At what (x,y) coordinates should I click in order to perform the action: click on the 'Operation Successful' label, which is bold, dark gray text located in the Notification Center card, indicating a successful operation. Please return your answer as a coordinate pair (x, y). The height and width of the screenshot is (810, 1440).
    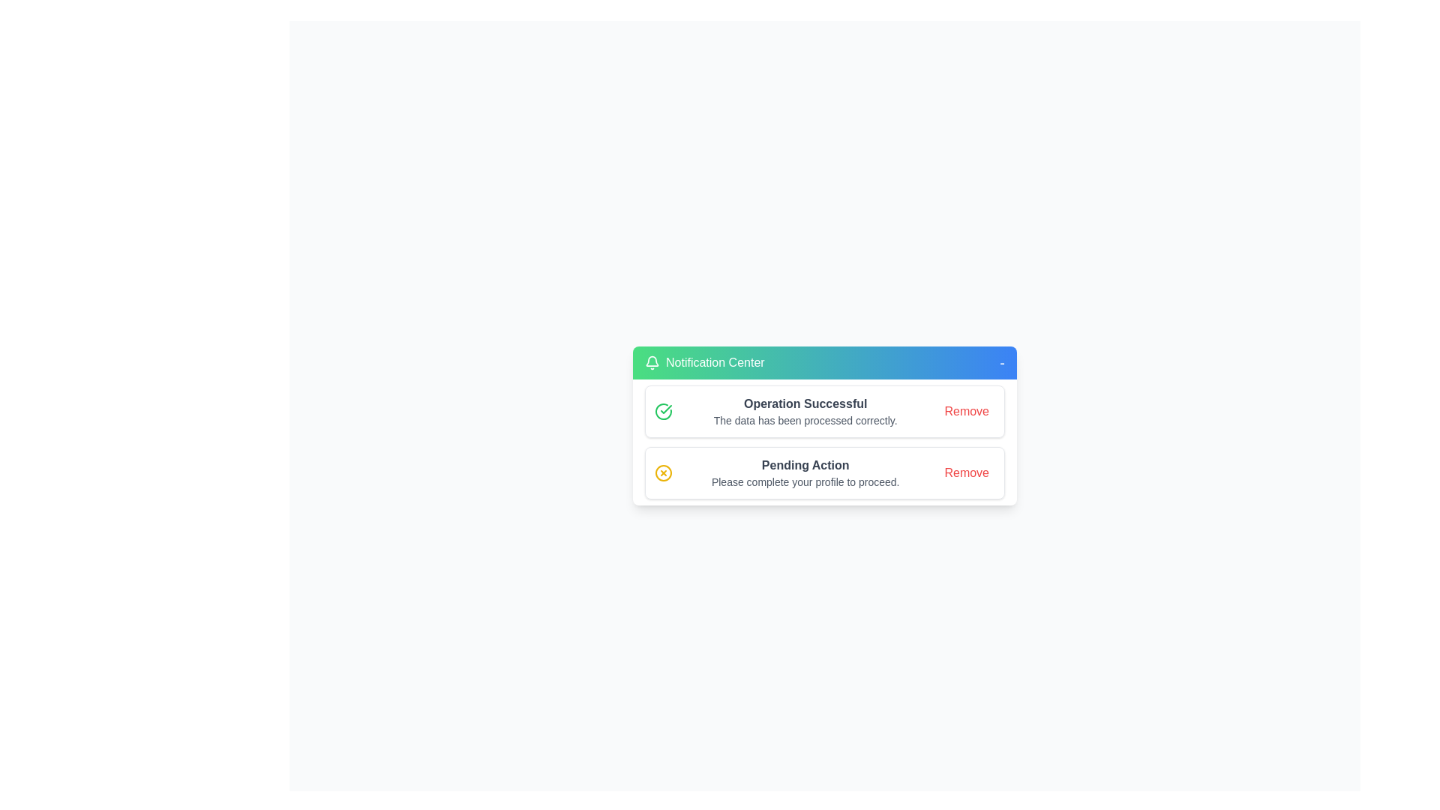
    Looking at the image, I should click on (805, 403).